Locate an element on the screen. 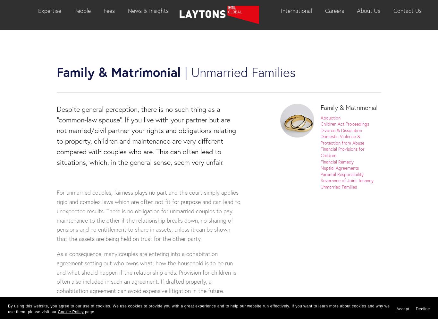 The image size is (438, 319). 'People' is located at coordinates (82, 10).